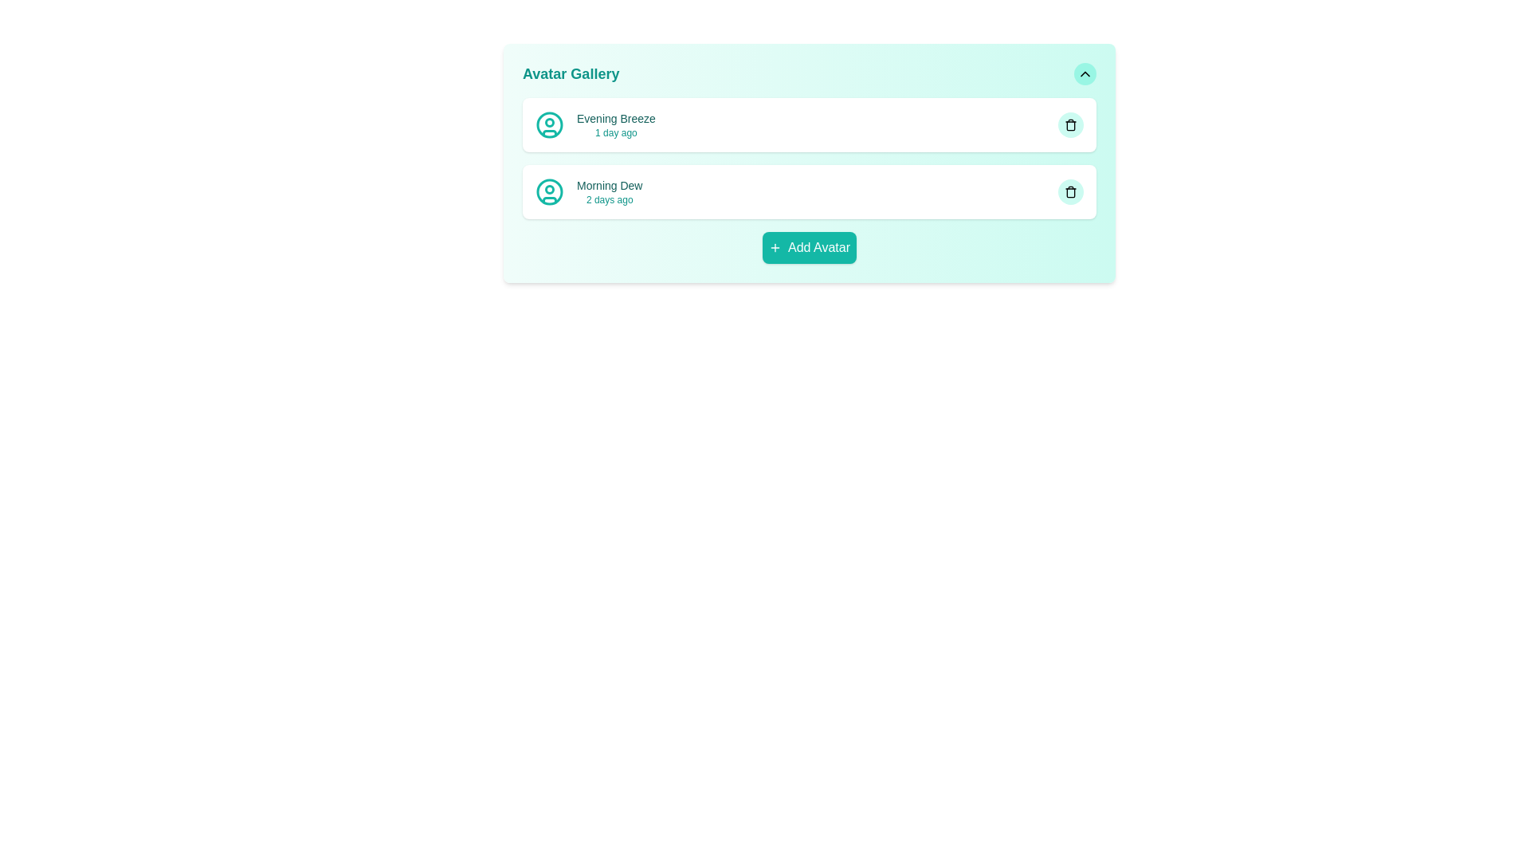  I want to click on the upward-pointing chevron icon inside the light teal circular button located, so click(1085, 73).